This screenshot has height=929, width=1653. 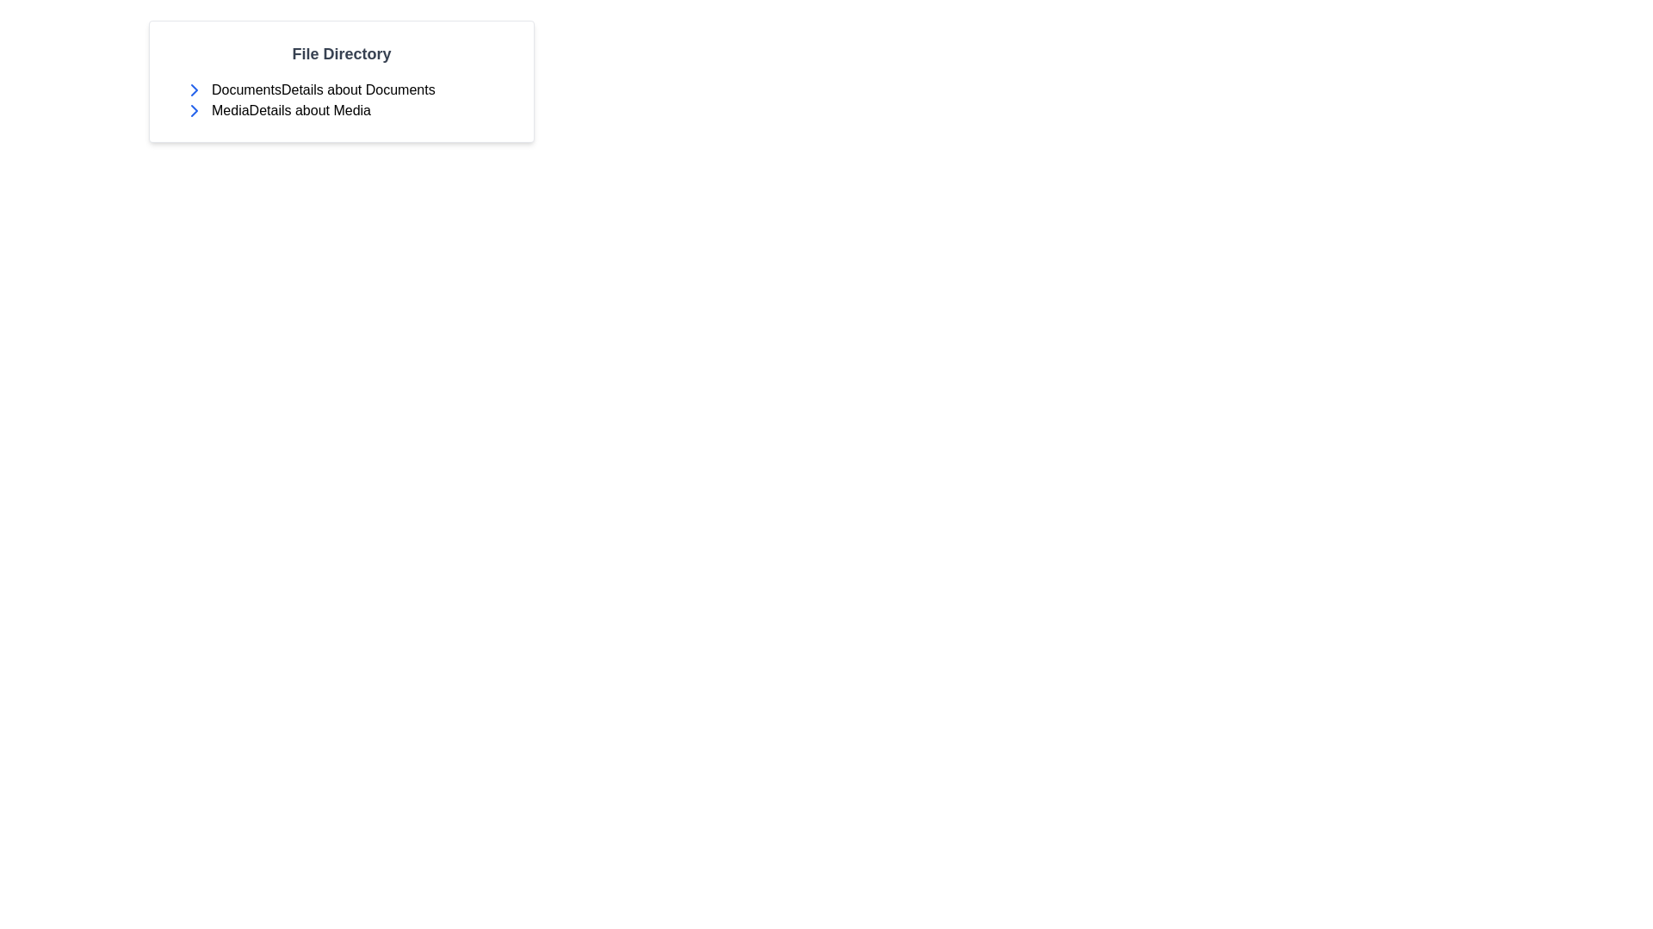 I want to click on the first item, so click(x=347, y=89).